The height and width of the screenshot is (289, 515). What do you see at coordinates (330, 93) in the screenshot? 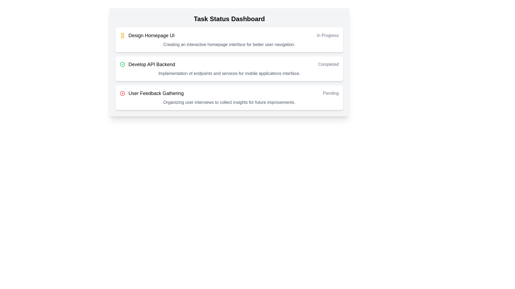
I see `the text label displaying 'Pending' which is styled in light gray color and positioned at the far right end of the lower-most task card adjacent to 'User Feedback Gathering'` at bounding box center [330, 93].